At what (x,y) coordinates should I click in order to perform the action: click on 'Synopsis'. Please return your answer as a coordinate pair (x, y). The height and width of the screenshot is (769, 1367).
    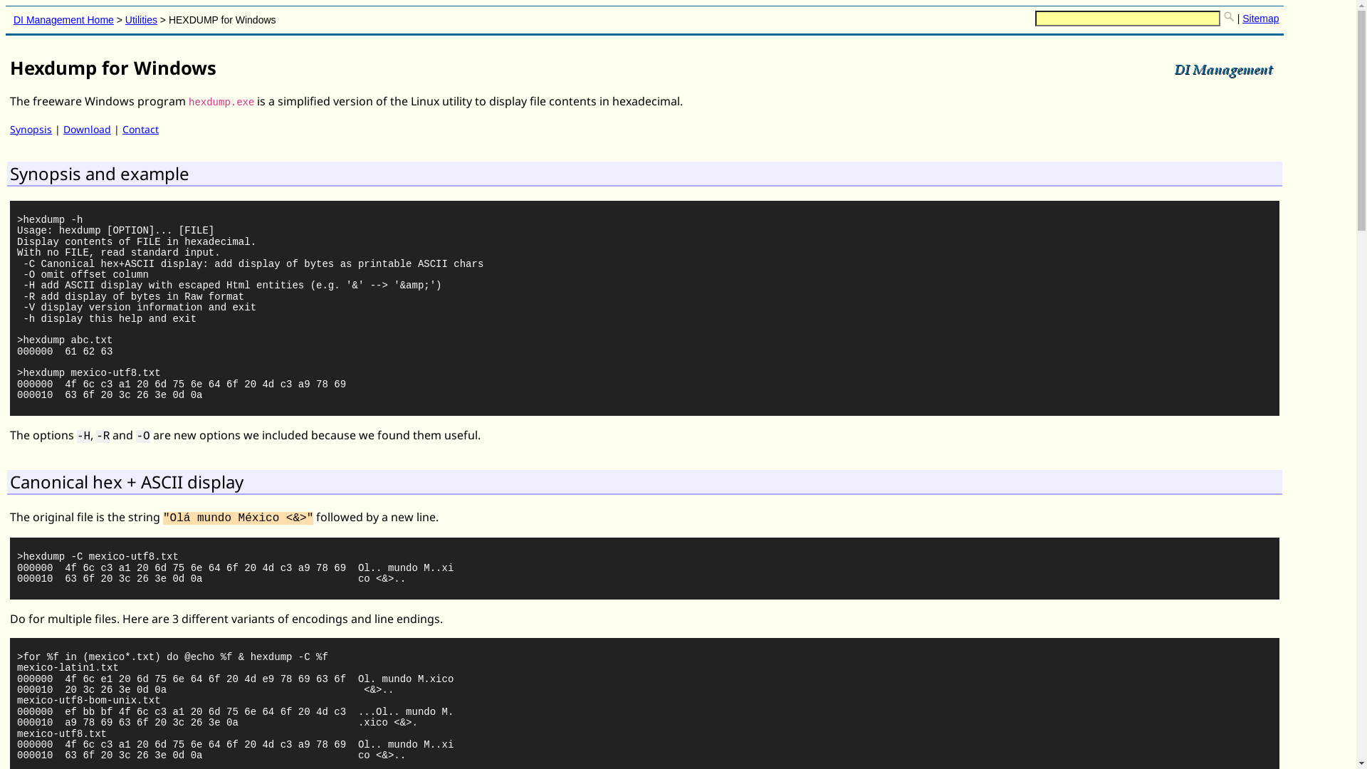
    Looking at the image, I should click on (31, 129).